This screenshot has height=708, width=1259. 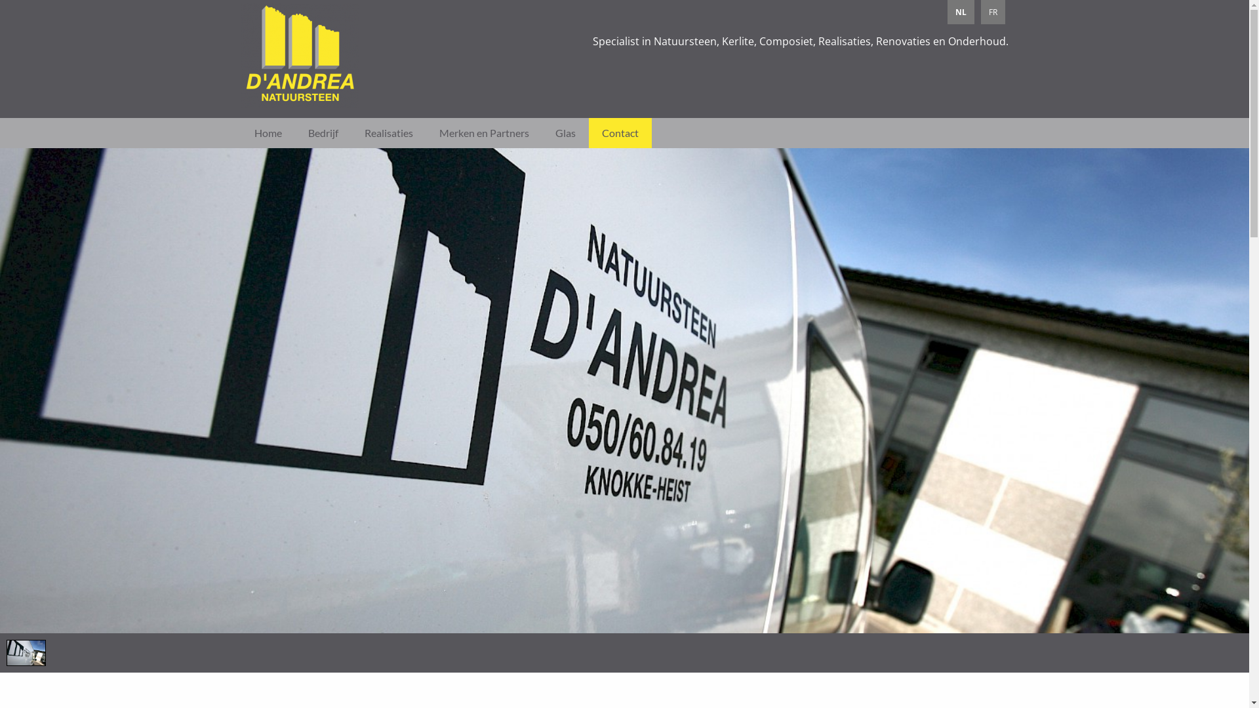 I want to click on 'Home', so click(x=267, y=133).